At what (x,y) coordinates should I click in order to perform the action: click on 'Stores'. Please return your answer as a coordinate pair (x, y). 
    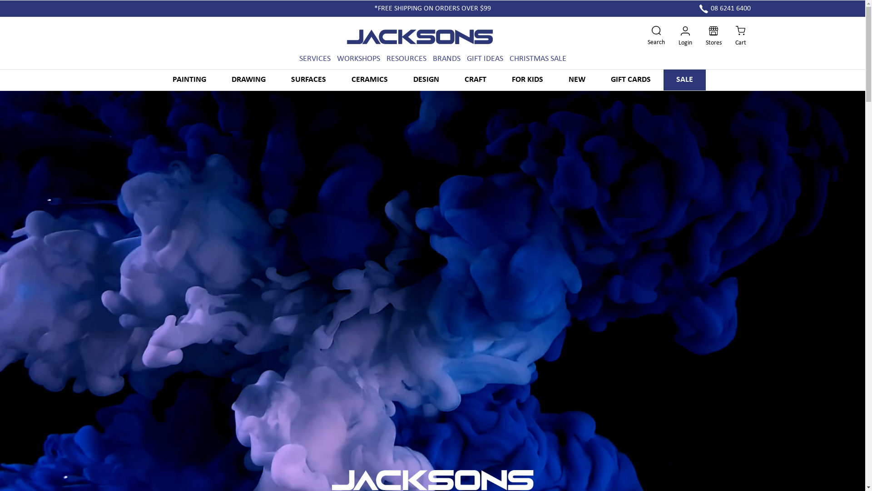
    Looking at the image, I should click on (705, 36).